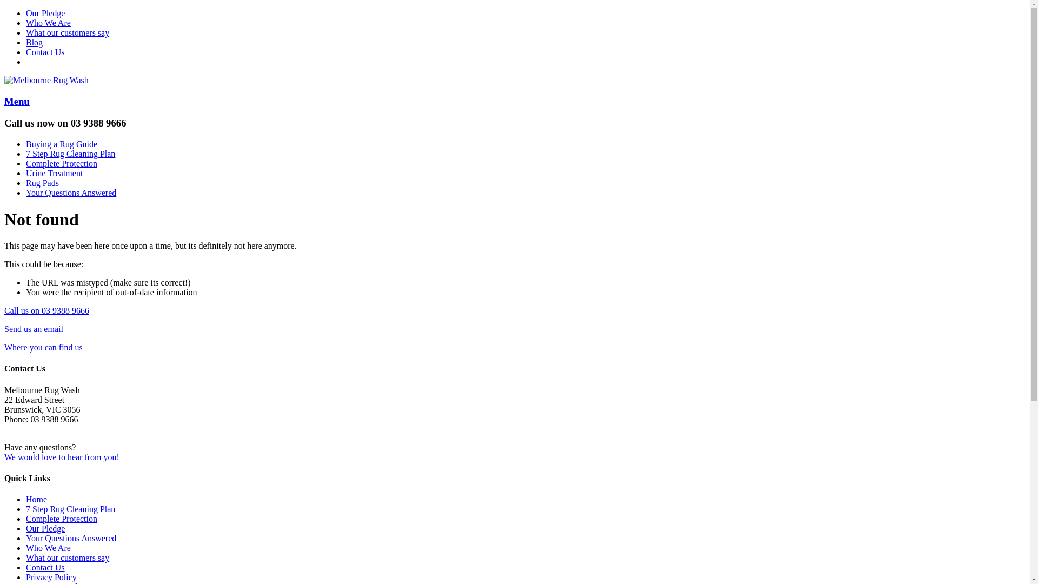 The image size is (1038, 584). I want to click on 'Home', so click(36, 499).